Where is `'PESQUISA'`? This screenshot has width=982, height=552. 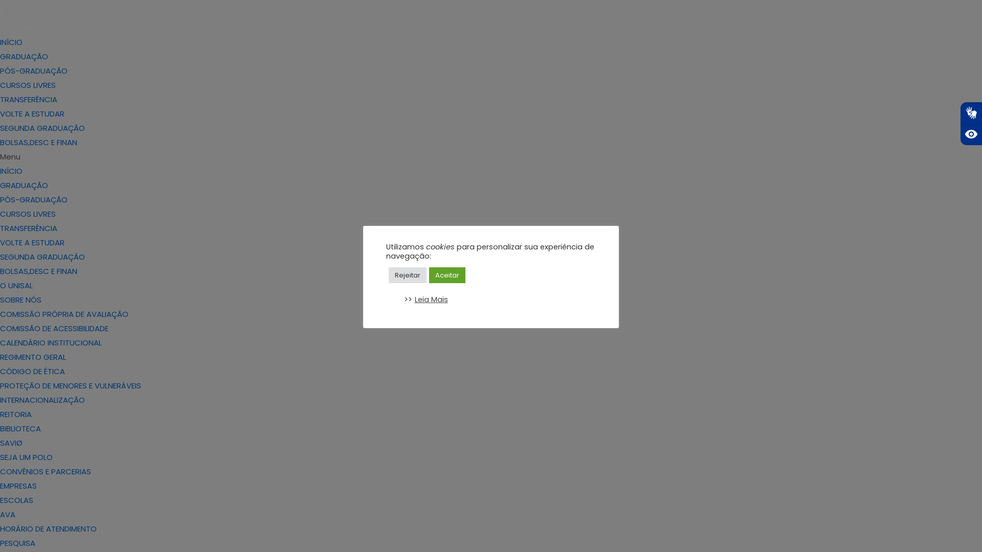 'PESQUISA' is located at coordinates (17, 542).